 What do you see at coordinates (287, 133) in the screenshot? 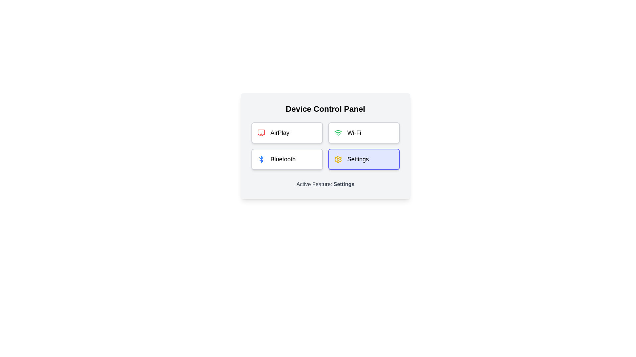
I see `the button corresponding to the feature AirPlay` at bounding box center [287, 133].